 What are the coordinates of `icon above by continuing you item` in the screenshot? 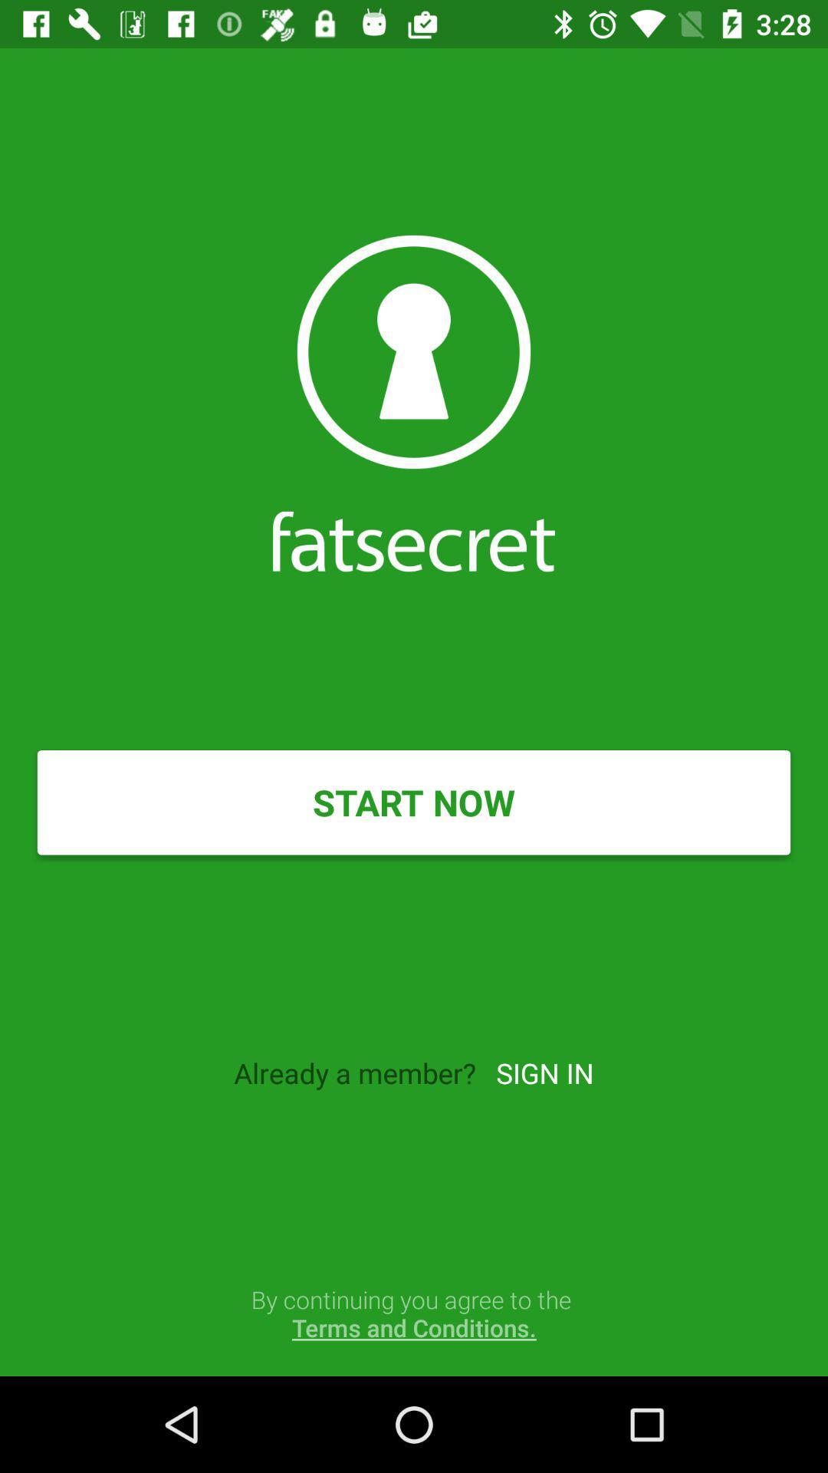 It's located at (544, 1072).